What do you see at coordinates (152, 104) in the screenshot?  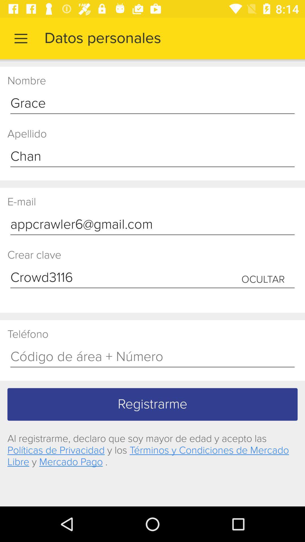 I see `the grace icon` at bounding box center [152, 104].